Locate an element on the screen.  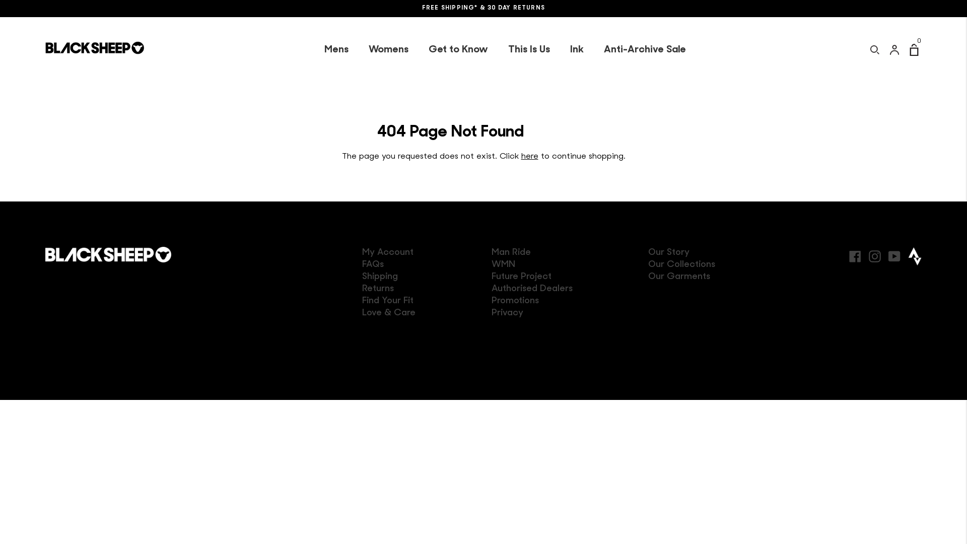
'Get to Know' is located at coordinates (457, 50).